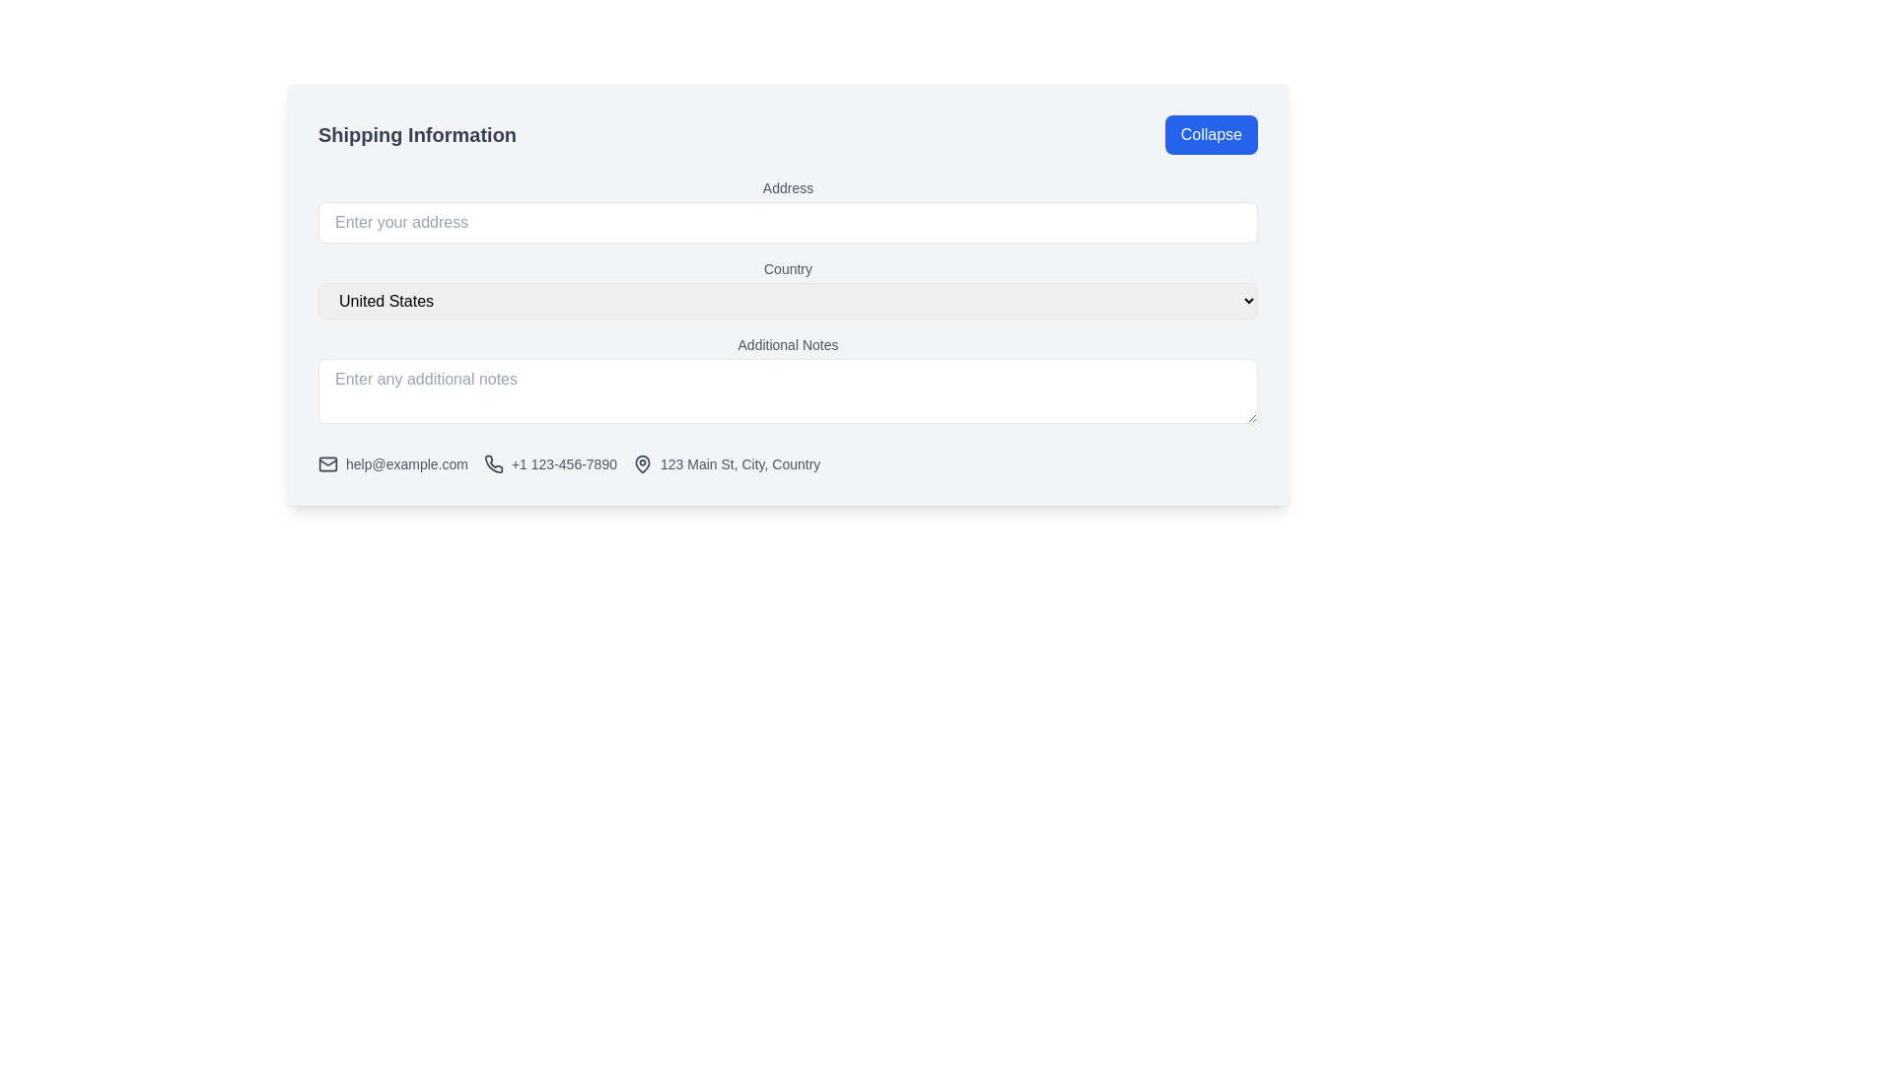  What do you see at coordinates (1210, 134) in the screenshot?
I see `the 'Collapse' button, which has a blue background and white text, located to the right of the 'Shipping Information' section header` at bounding box center [1210, 134].